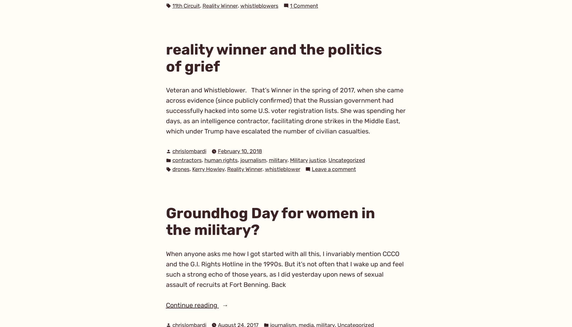 Image resolution: width=572 pixels, height=327 pixels. Describe the element at coordinates (285, 269) in the screenshot. I see `'When anyone asks me how I got started with all this, I invariably mention CCCO and the G.I. Rights Hotline in the 1990s. But it’s not often that I wake up and feel such a strong echo of those years, as I did yesterday upon news of sexual assault of recruits at Fort Benning. Back'` at that location.